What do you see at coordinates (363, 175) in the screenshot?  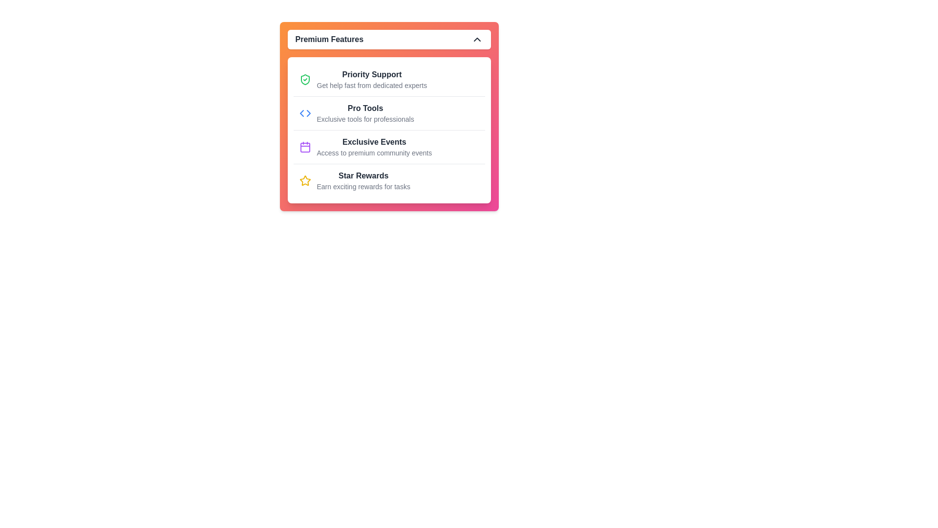 I see `text label in the fourth row of the 'Premium Features' panel, which summarizes the item and includes subtext about rewarding users for task completion` at bounding box center [363, 175].